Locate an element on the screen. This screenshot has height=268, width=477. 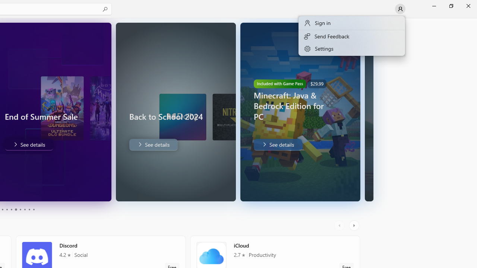
'AutomationID: RightScrollButton' is located at coordinates (354, 225).